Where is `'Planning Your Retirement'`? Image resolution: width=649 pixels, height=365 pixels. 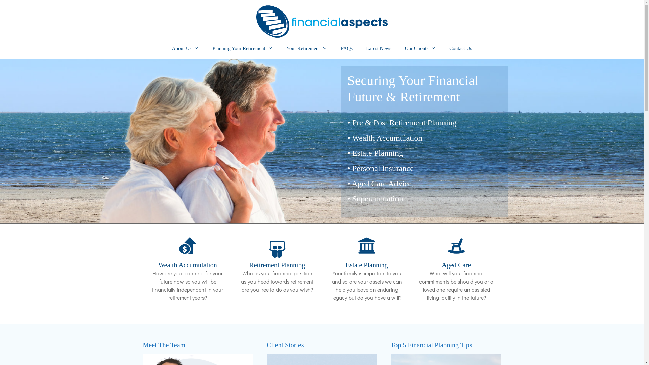
'Planning Your Retirement' is located at coordinates (205, 48).